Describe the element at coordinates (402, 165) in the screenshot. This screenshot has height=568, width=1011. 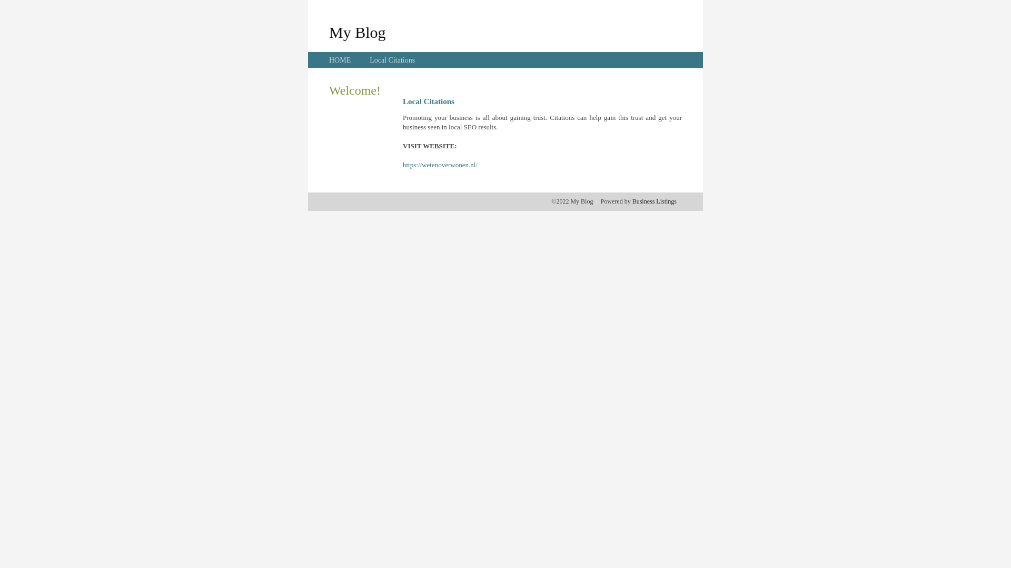
I see `'https://wetenoverwonen.nl/'` at that location.